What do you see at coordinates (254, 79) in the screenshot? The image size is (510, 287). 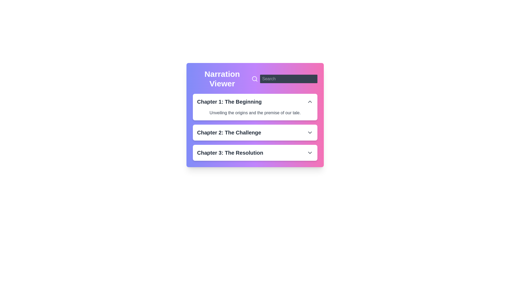 I see `the circular search icon located at the top-right corner of the interface` at bounding box center [254, 79].